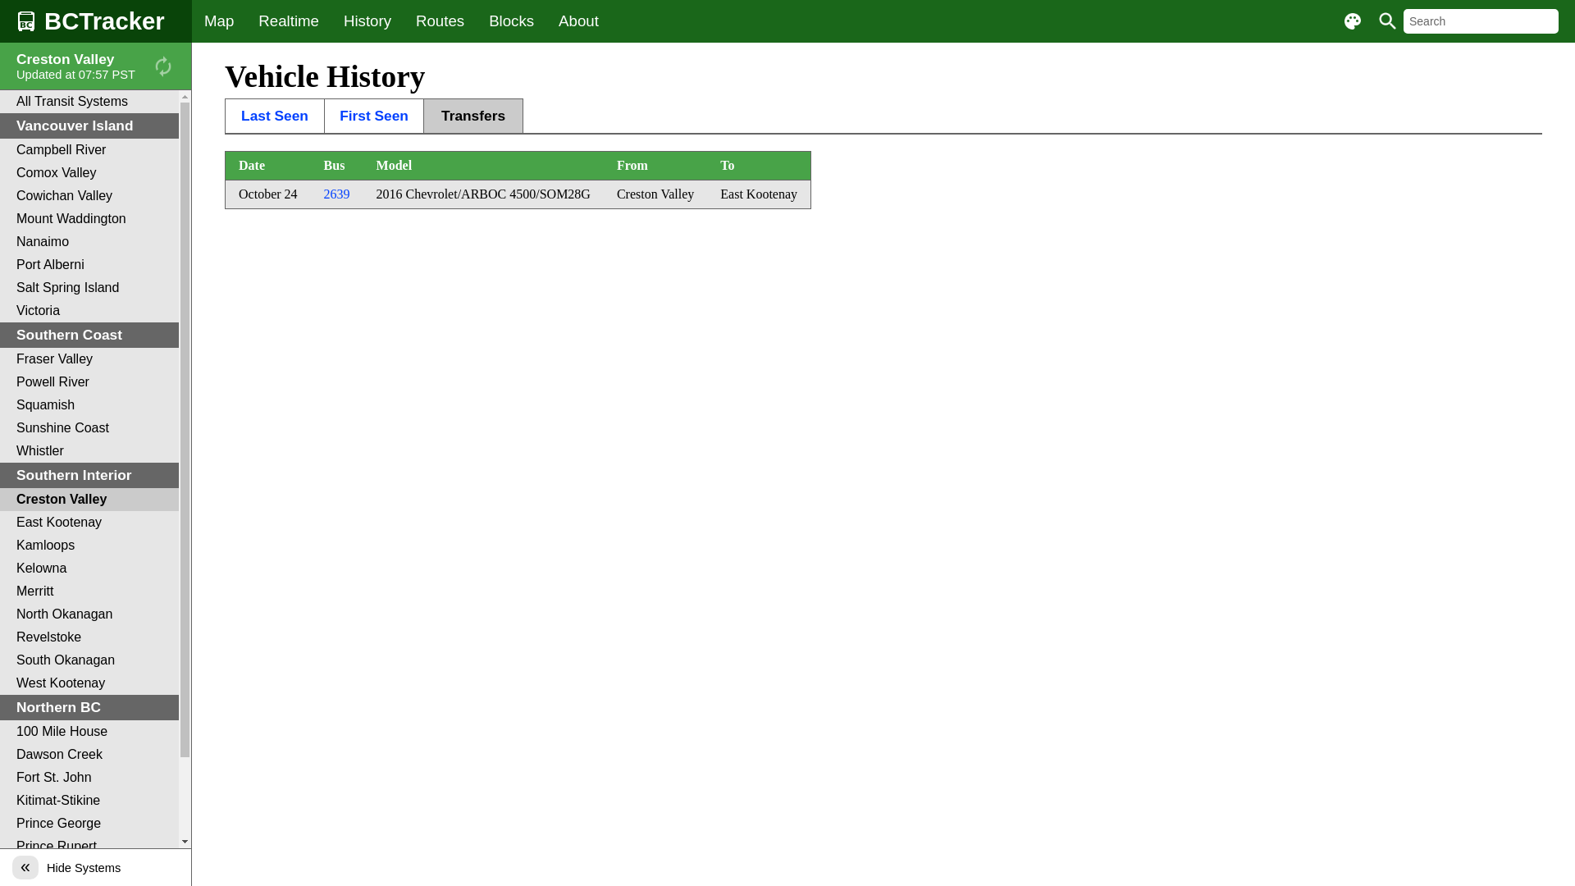 The image size is (1575, 886). Describe the element at coordinates (440, 21) in the screenshot. I see `'Routes'` at that location.